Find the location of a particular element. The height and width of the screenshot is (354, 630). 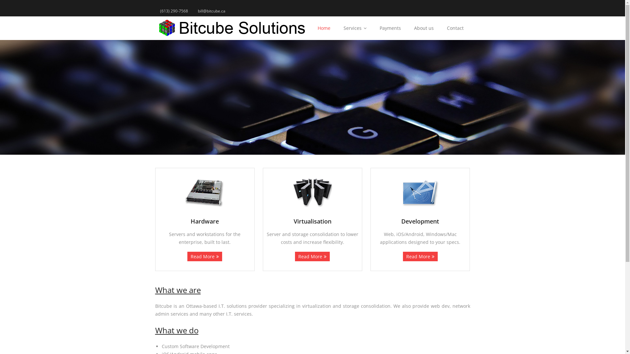

'(613) 290-7568' is located at coordinates (174, 11).